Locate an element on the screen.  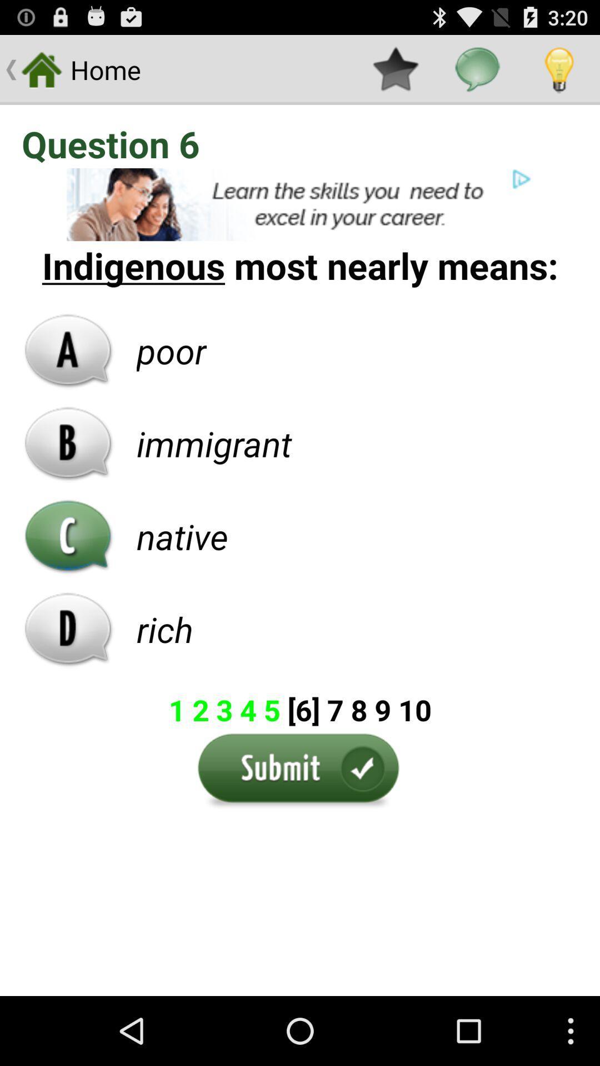
click on banner to find out more is located at coordinates (300, 204).